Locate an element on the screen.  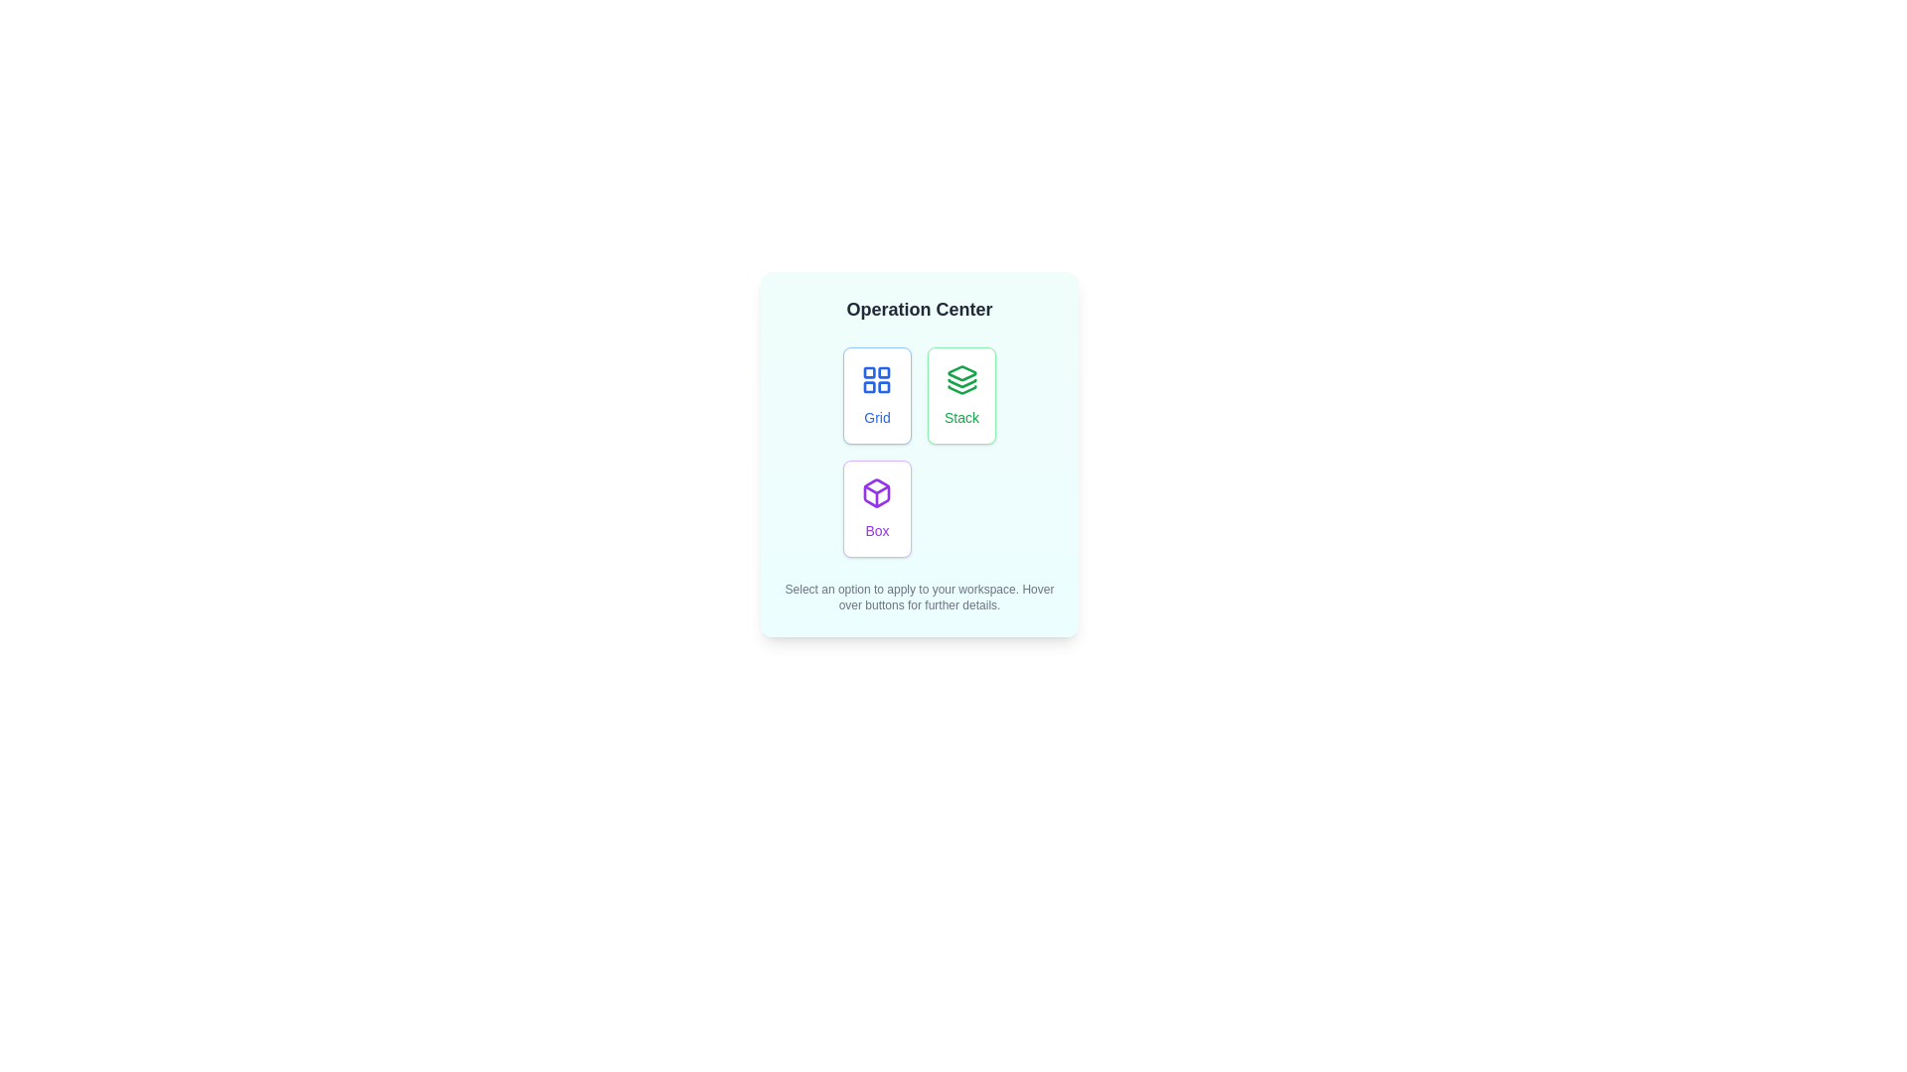
the button labeled 'Grid' which has a white background, blue text, and a grid-like icon is located at coordinates (876, 395).